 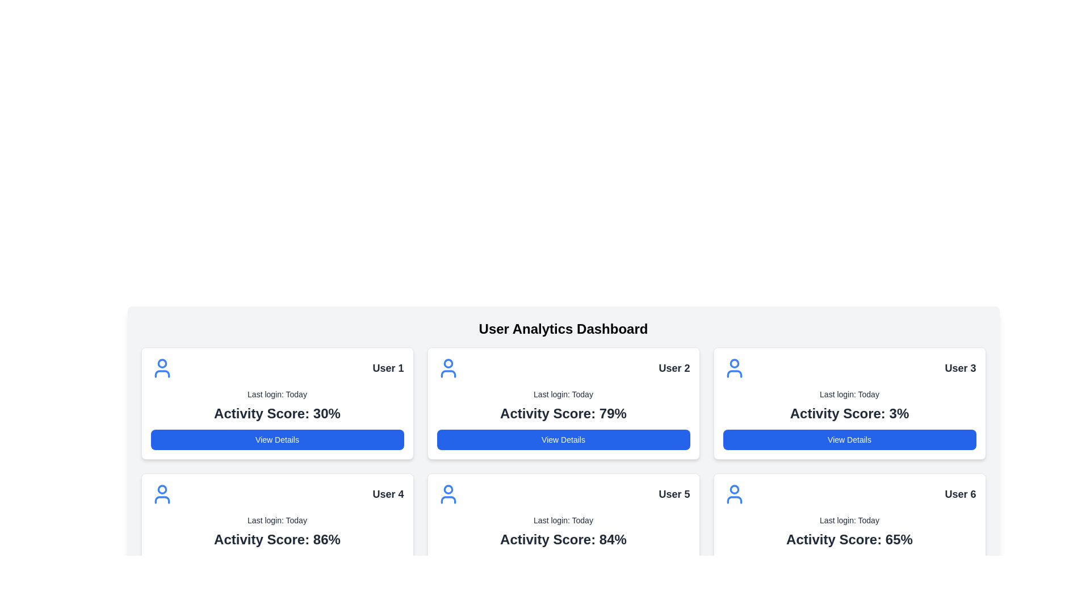 I want to click on the user icon with a blue outline that represents an individual, located in the top-left corner of the User 6 section, above 'Last login: Today' and to the left of 'User 6', so click(x=734, y=494).